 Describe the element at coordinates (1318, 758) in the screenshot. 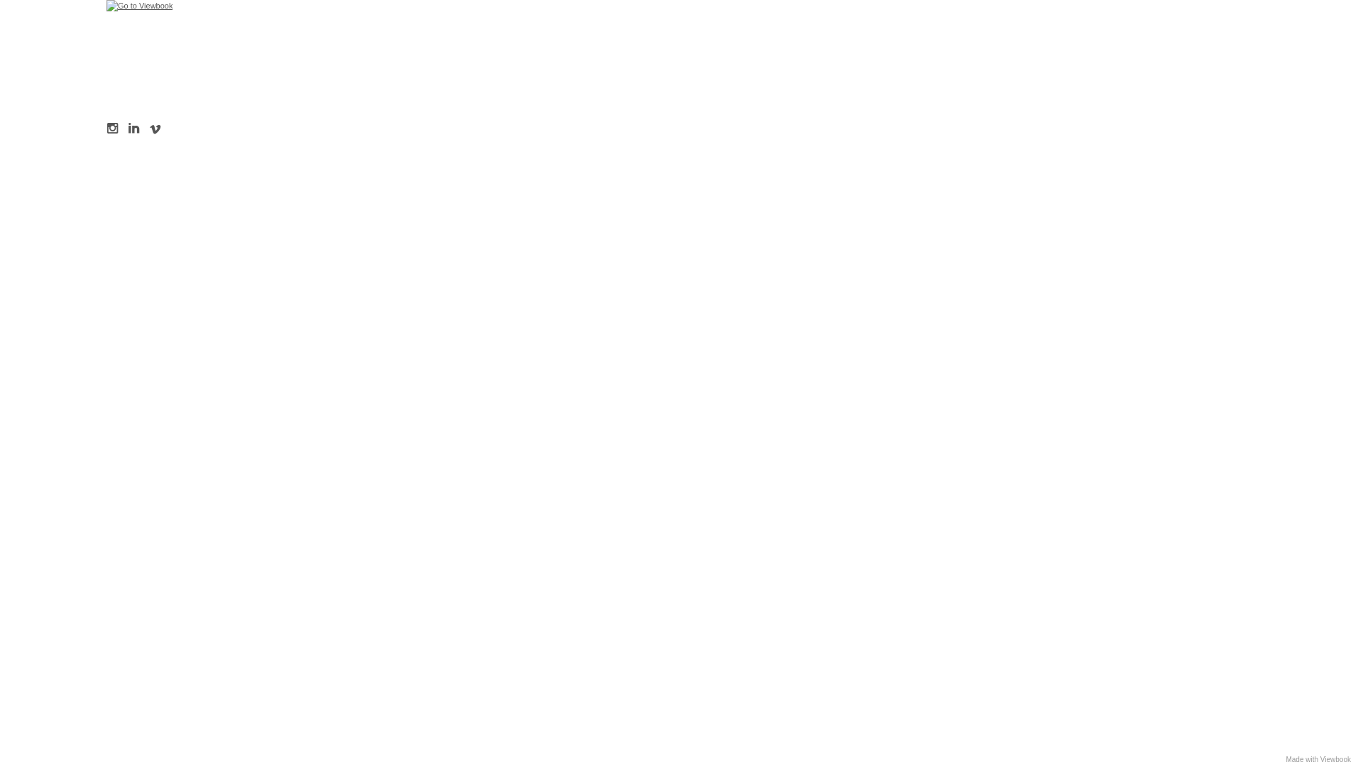

I see `'Made with Viewbook'` at that location.